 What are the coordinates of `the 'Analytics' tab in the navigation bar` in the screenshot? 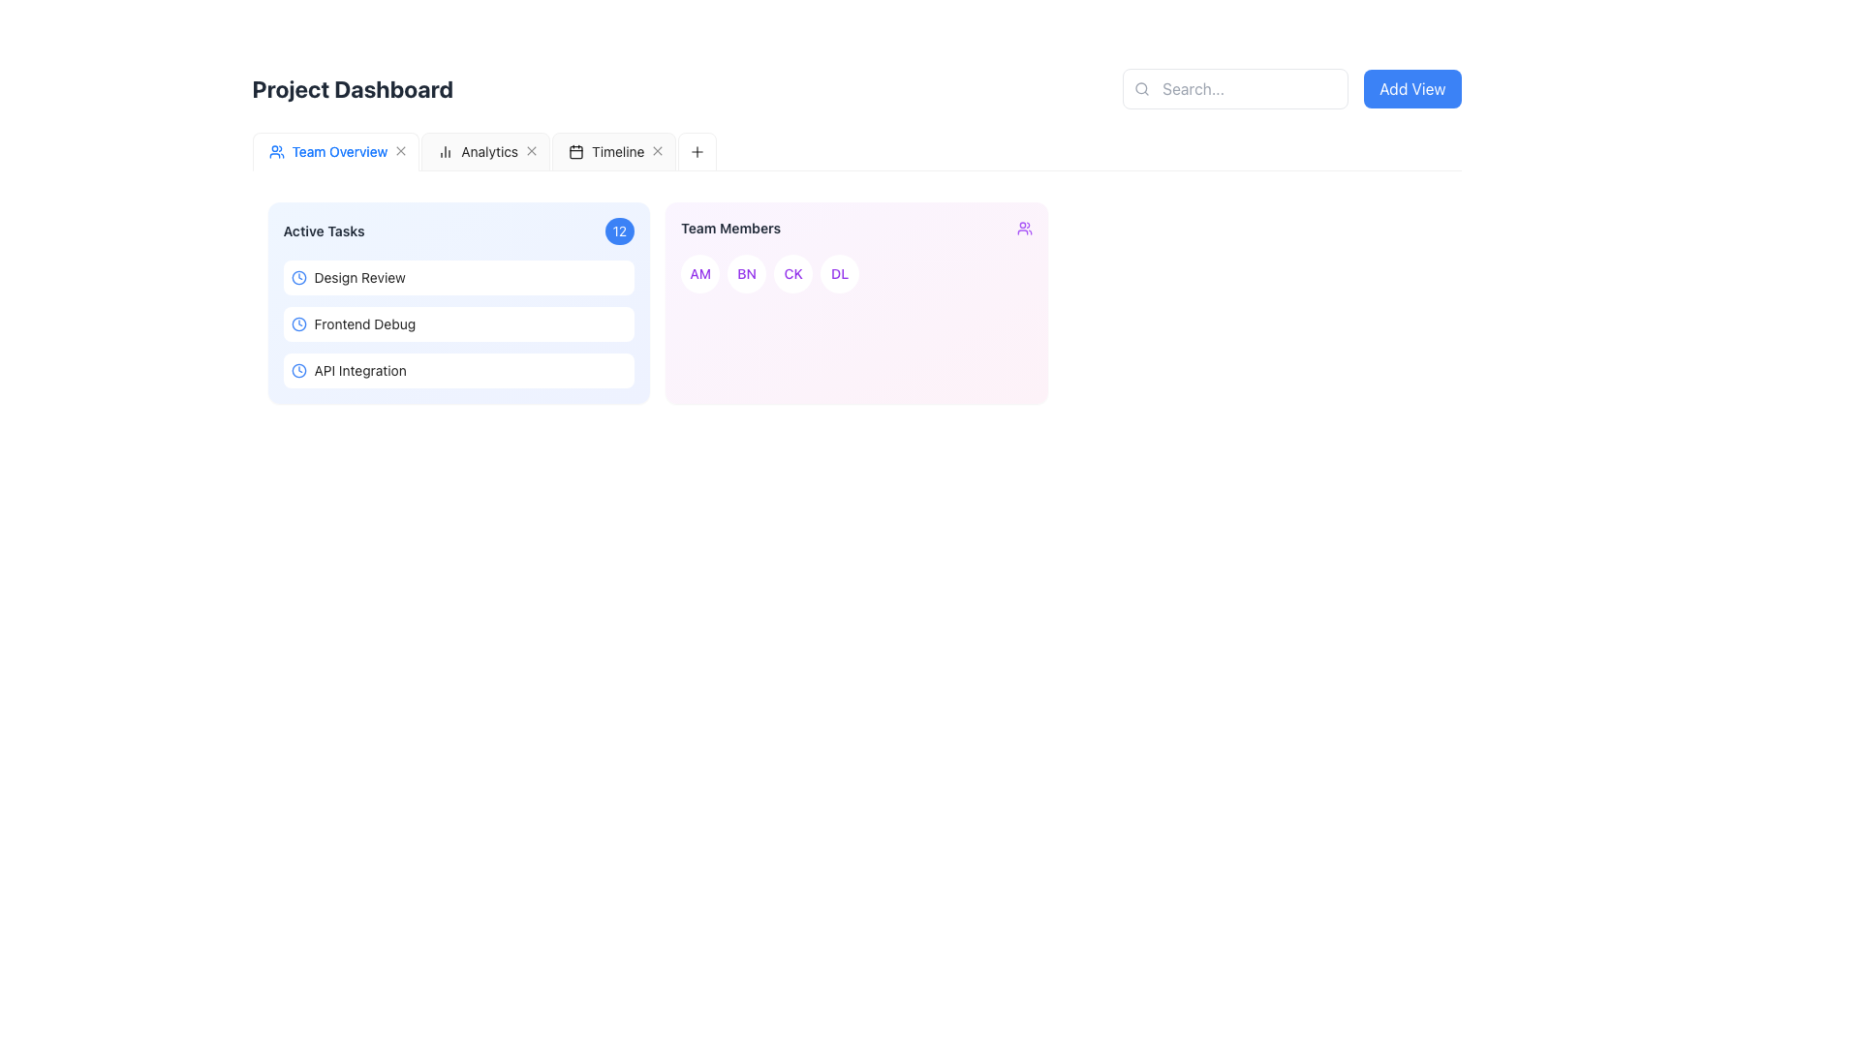 It's located at (478, 151).